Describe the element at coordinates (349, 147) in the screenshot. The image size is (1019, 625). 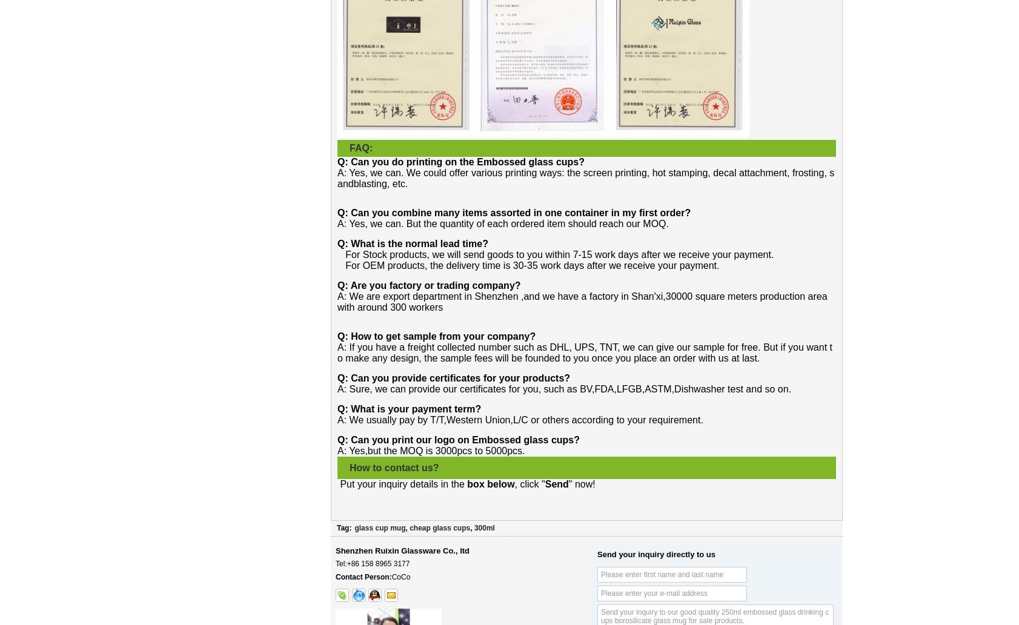
I see `'FAQ:'` at that location.